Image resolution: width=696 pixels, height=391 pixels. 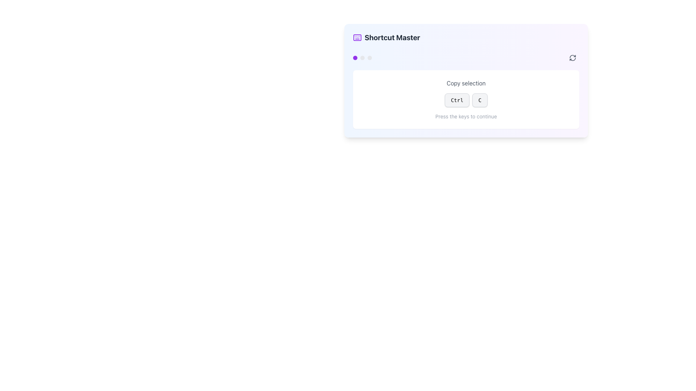 What do you see at coordinates (466, 116) in the screenshot?
I see `the static text that says 'Press the keys to continue', which is gray-colored and located below the 'Ctrl' and 'C' buttons, centered at the bottom of the card` at bounding box center [466, 116].